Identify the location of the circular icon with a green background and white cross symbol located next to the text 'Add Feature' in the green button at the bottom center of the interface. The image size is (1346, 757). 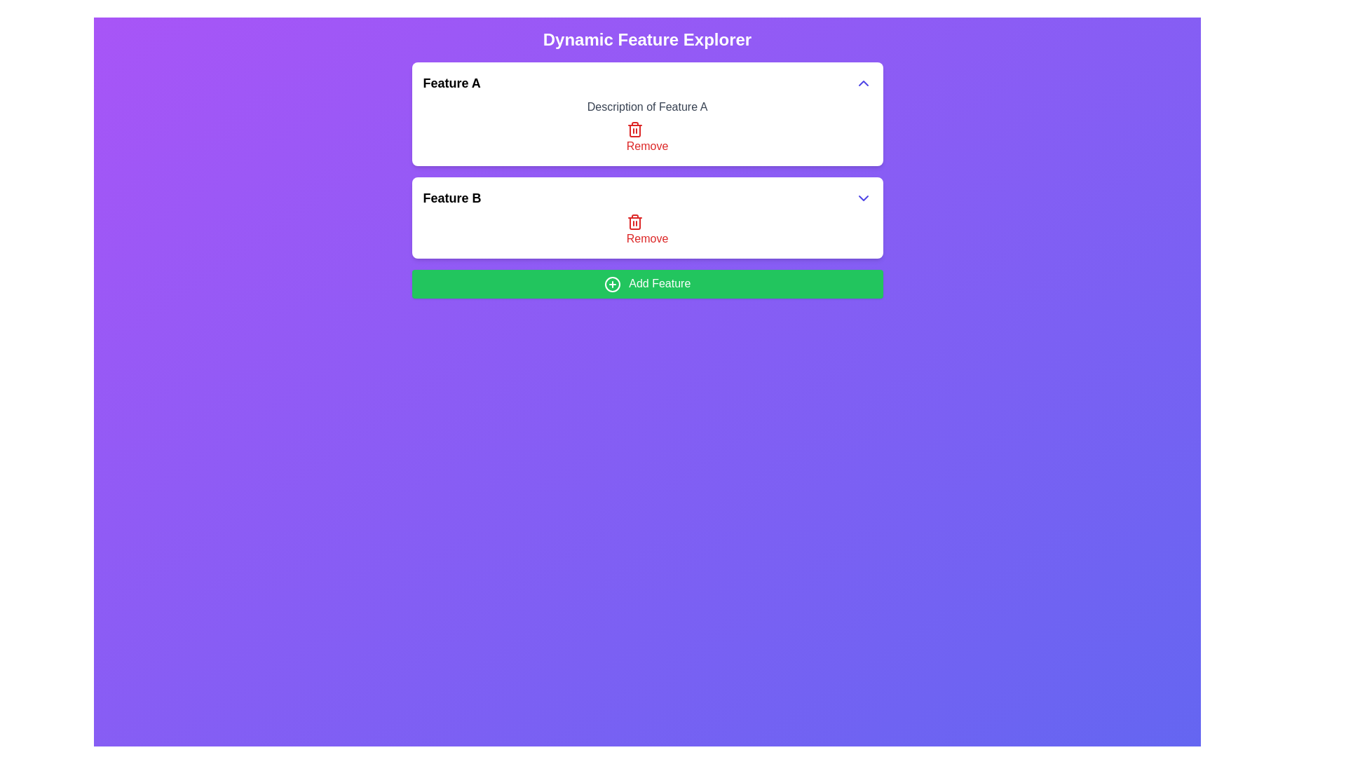
(612, 284).